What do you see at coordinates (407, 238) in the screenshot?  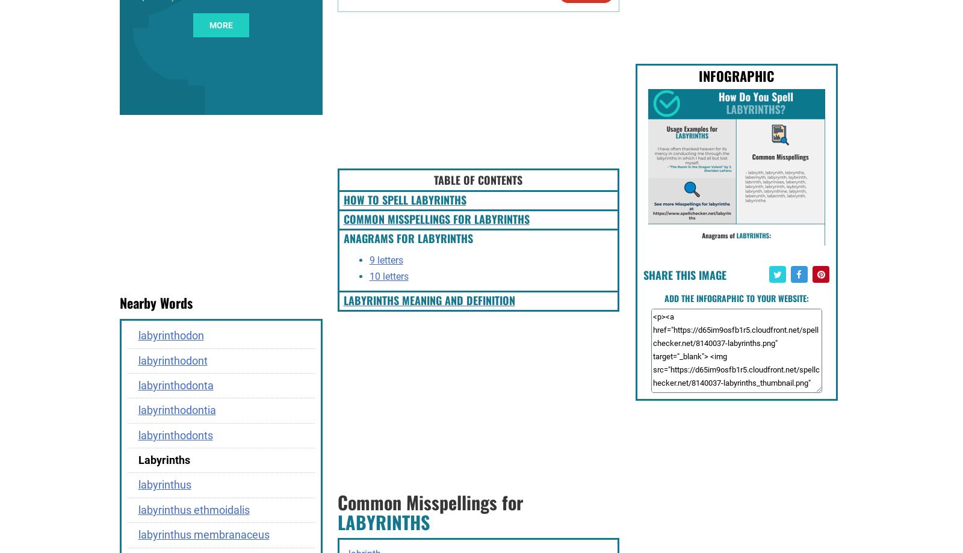 I see `'Anagrams for Labyrinths'` at bounding box center [407, 238].